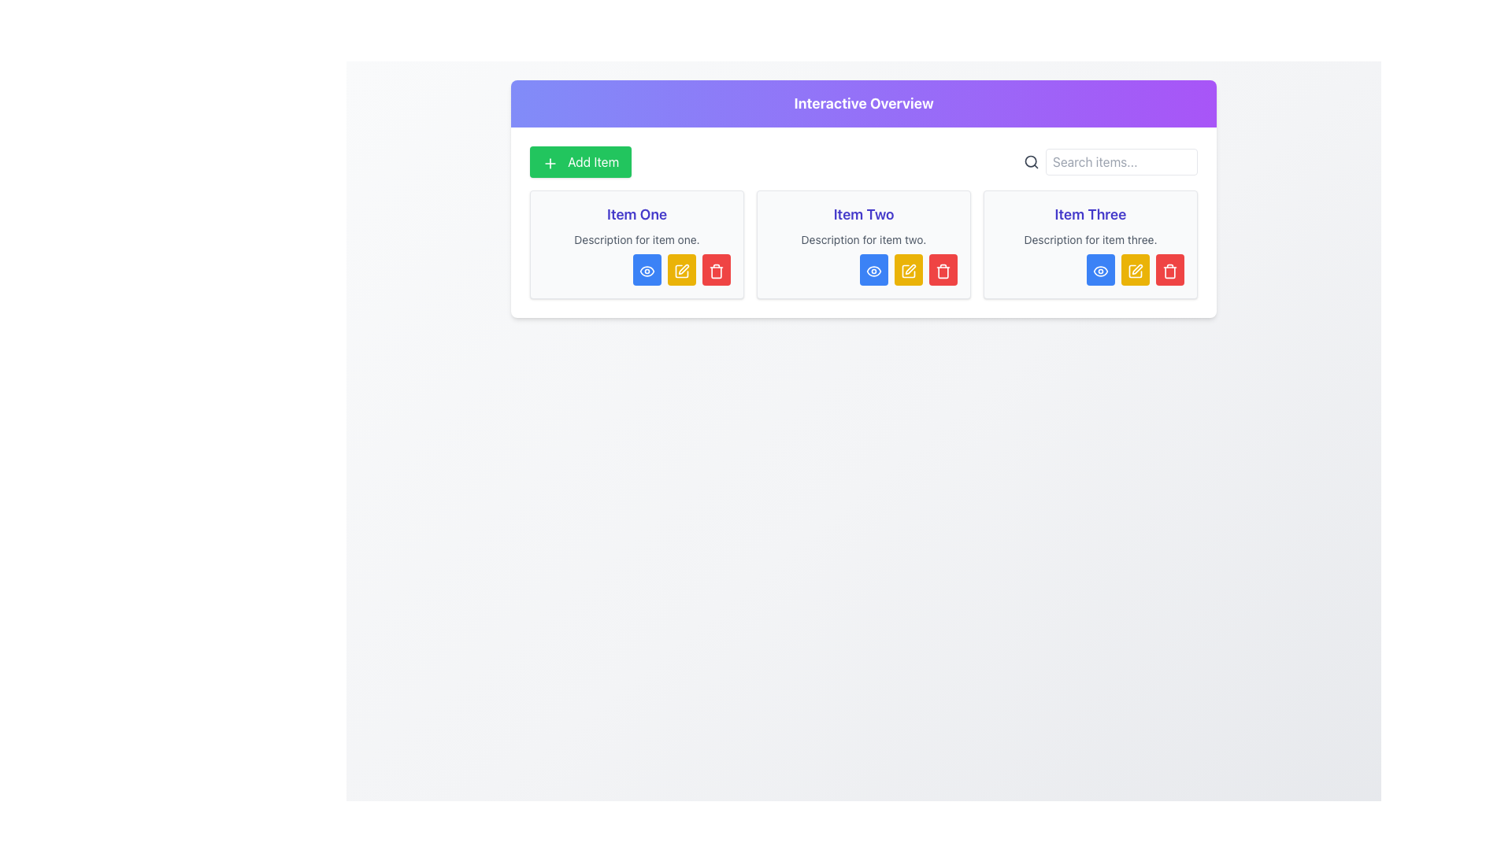 The image size is (1512, 850). What do you see at coordinates (681, 269) in the screenshot?
I see `the icon resembling a pen or pencil shape within the first card labeled 'Item One'` at bounding box center [681, 269].